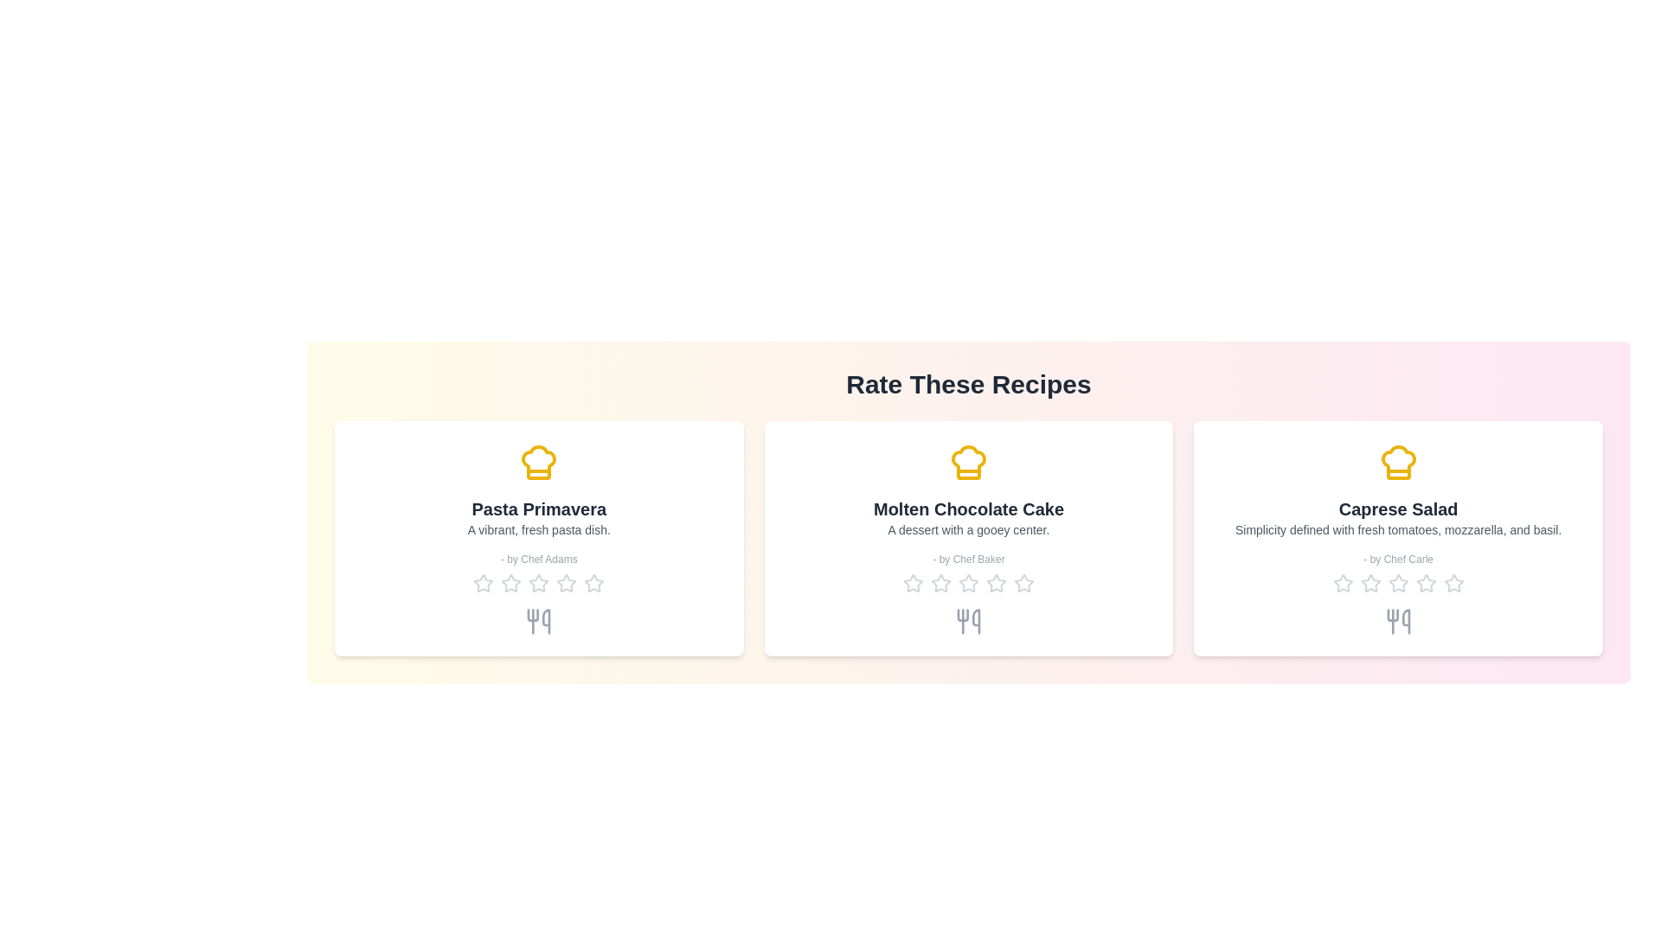  Describe the element at coordinates (538, 509) in the screenshot. I see `the card containing the recipe title` at that location.